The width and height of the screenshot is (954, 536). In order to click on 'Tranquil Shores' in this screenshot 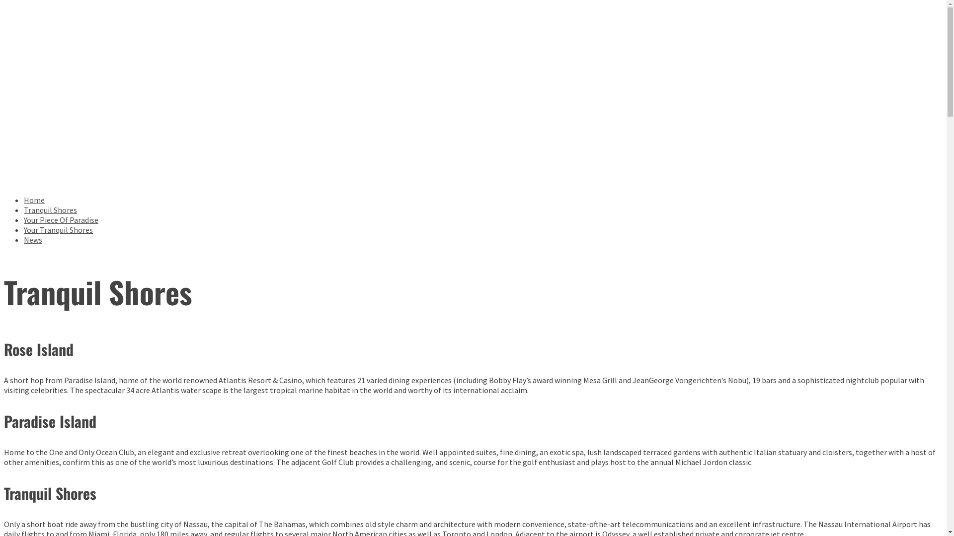, I will do `click(50, 209)`.